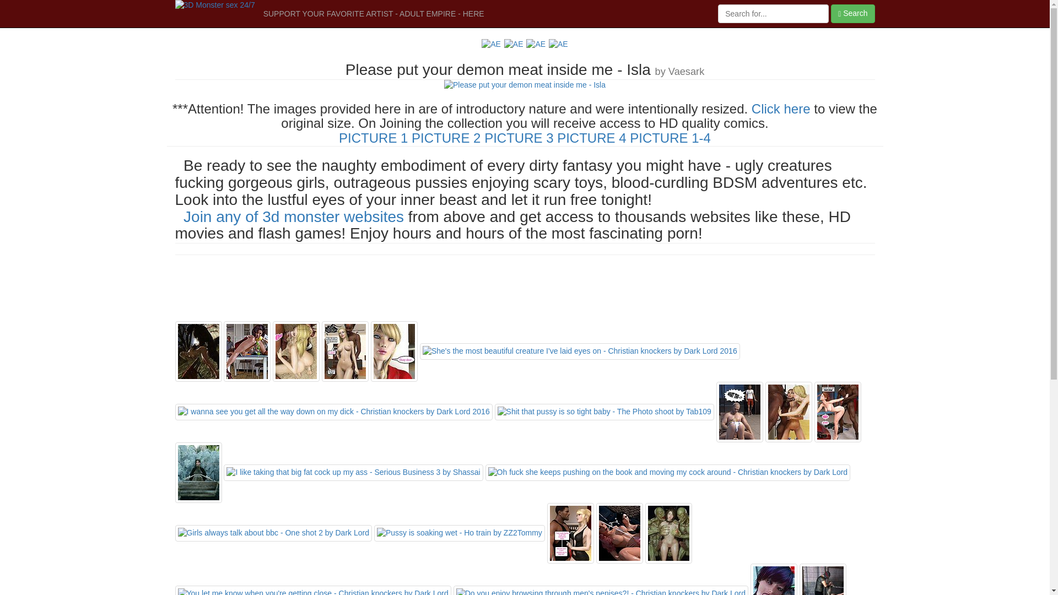  I want to click on 'PICTURE 3', so click(518, 137).